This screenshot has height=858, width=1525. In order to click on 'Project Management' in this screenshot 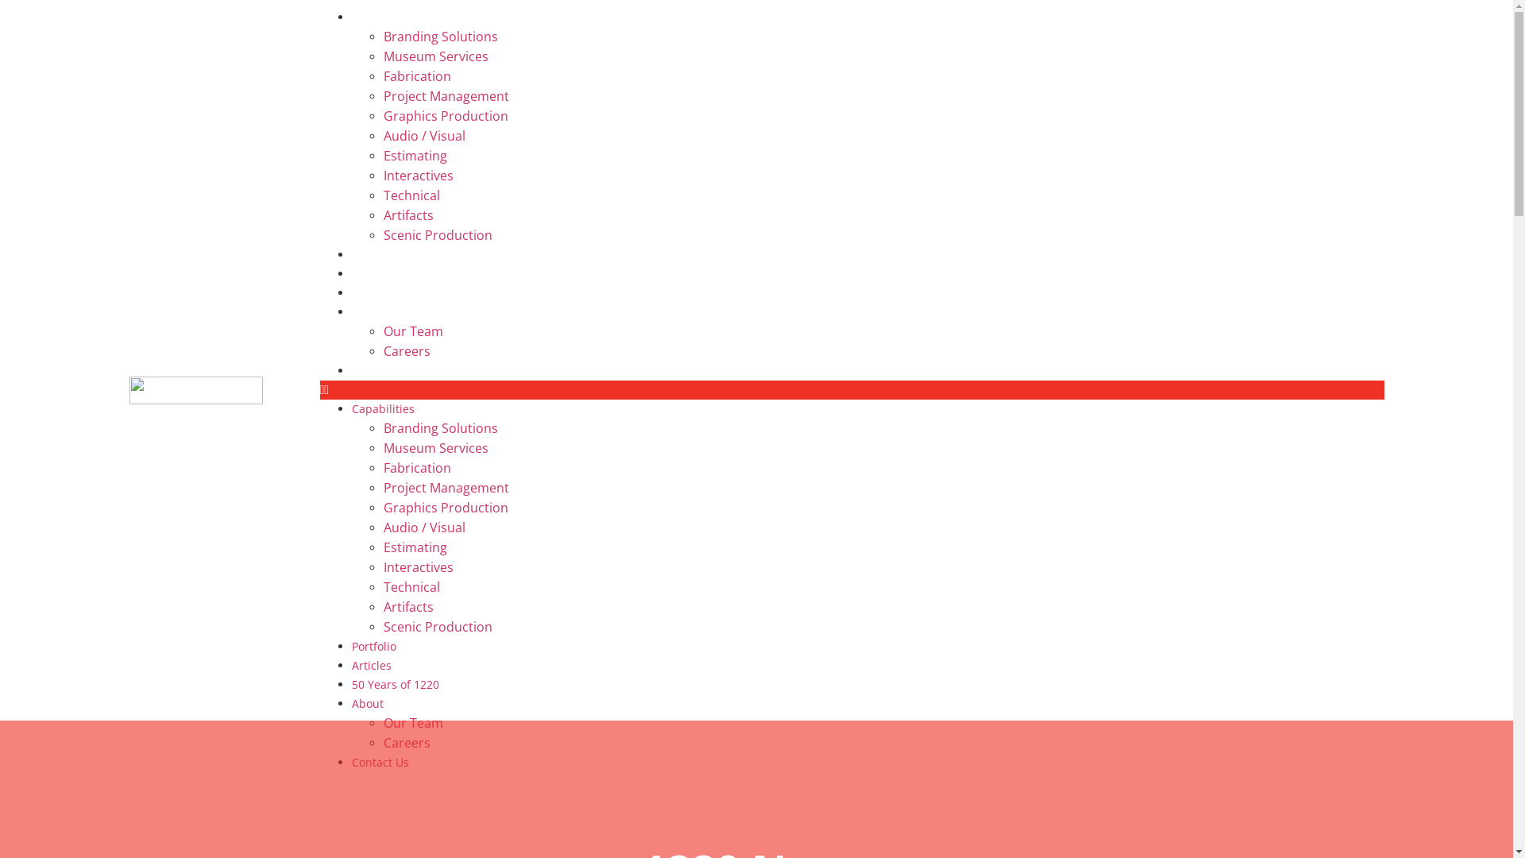, I will do `click(382, 95)`.